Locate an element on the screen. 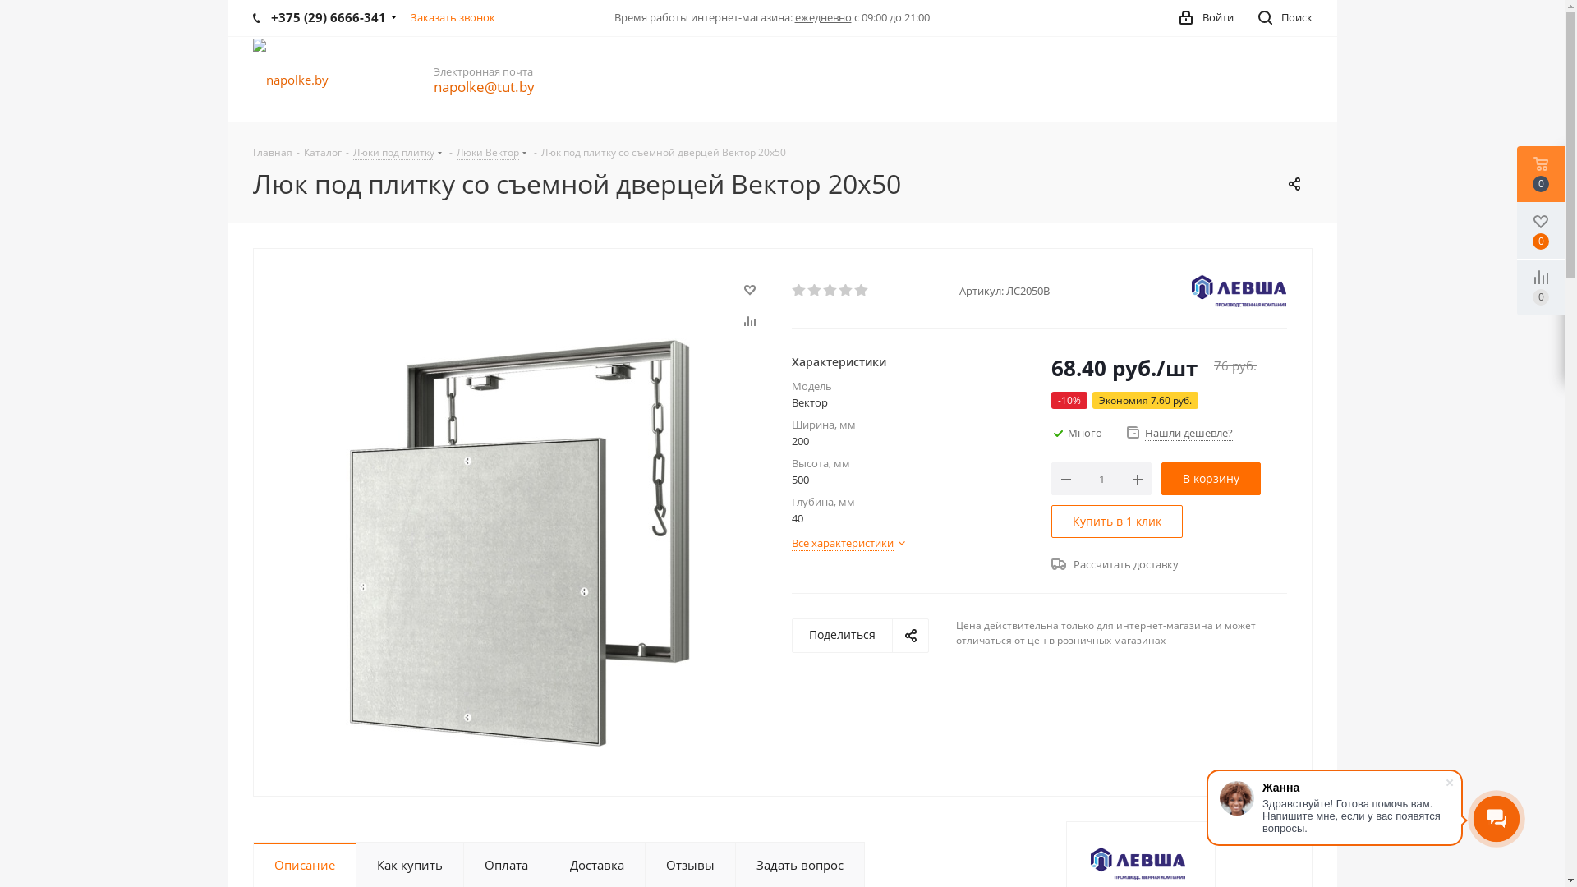 This screenshot has width=1577, height=887. 'napolke.by' is located at coordinates (291, 79).